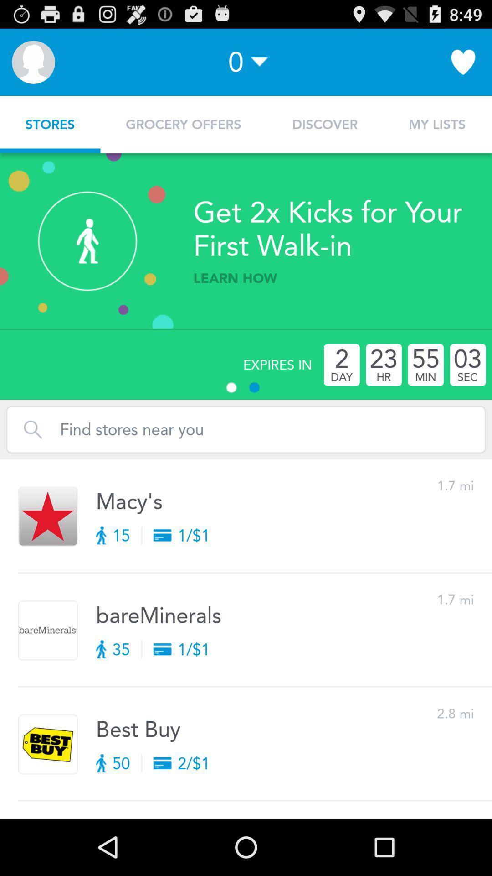 The height and width of the screenshot is (876, 492). Describe the element at coordinates (33, 62) in the screenshot. I see `icon above stores icon` at that location.